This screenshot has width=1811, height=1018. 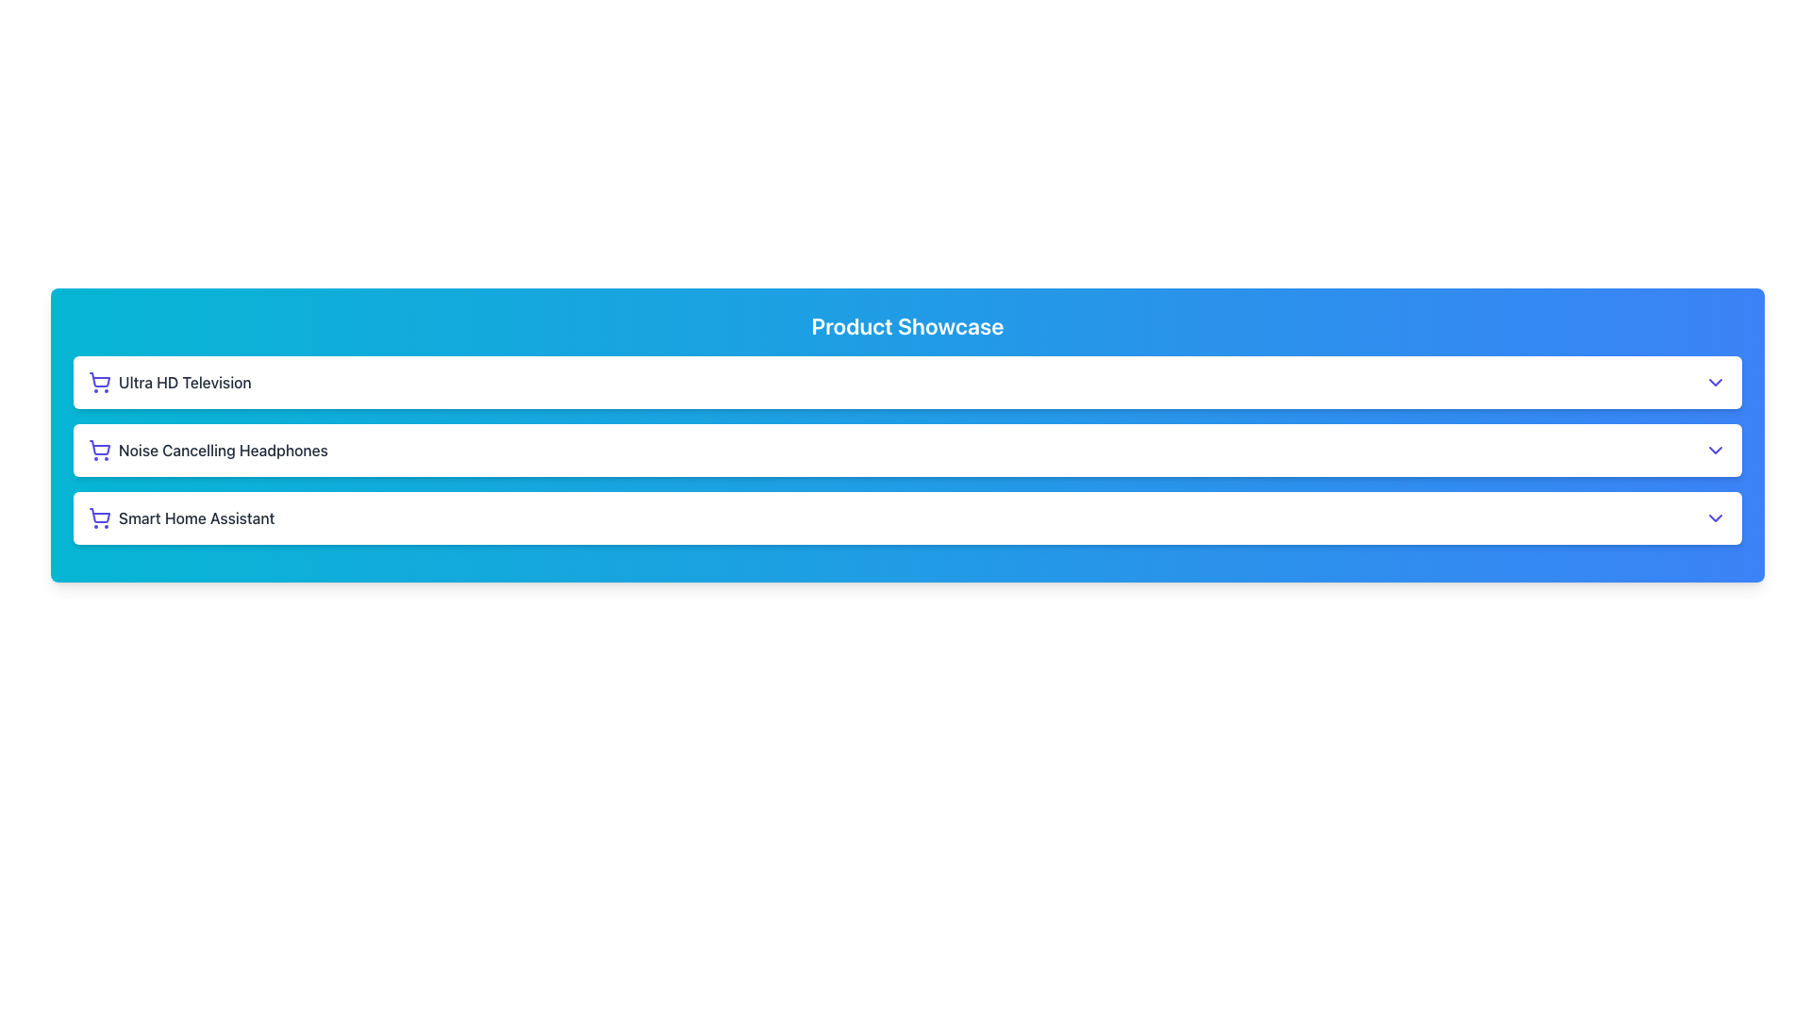 What do you see at coordinates (1716, 518) in the screenshot?
I see `the interactive SVG icon located at the right-hand side of the 'Smart Home Assistant' row, which indicates that this row is expandable or associated with further actions` at bounding box center [1716, 518].